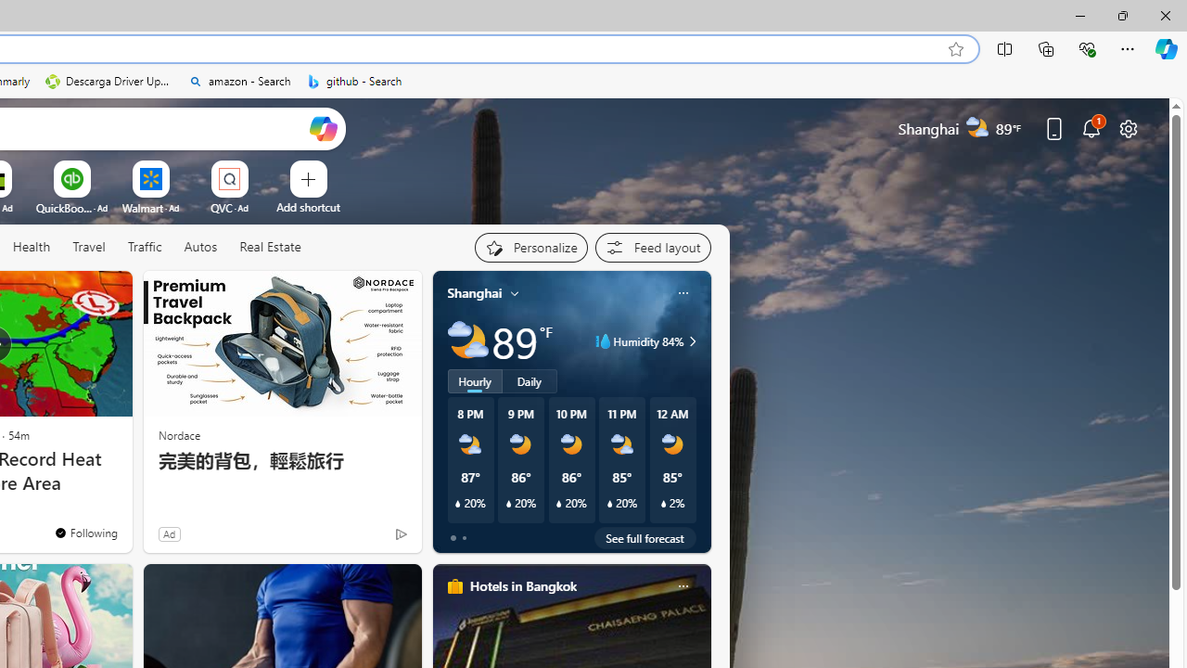 This screenshot has height=668, width=1187. I want to click on 'Partly cloudy', so click(467, 341).